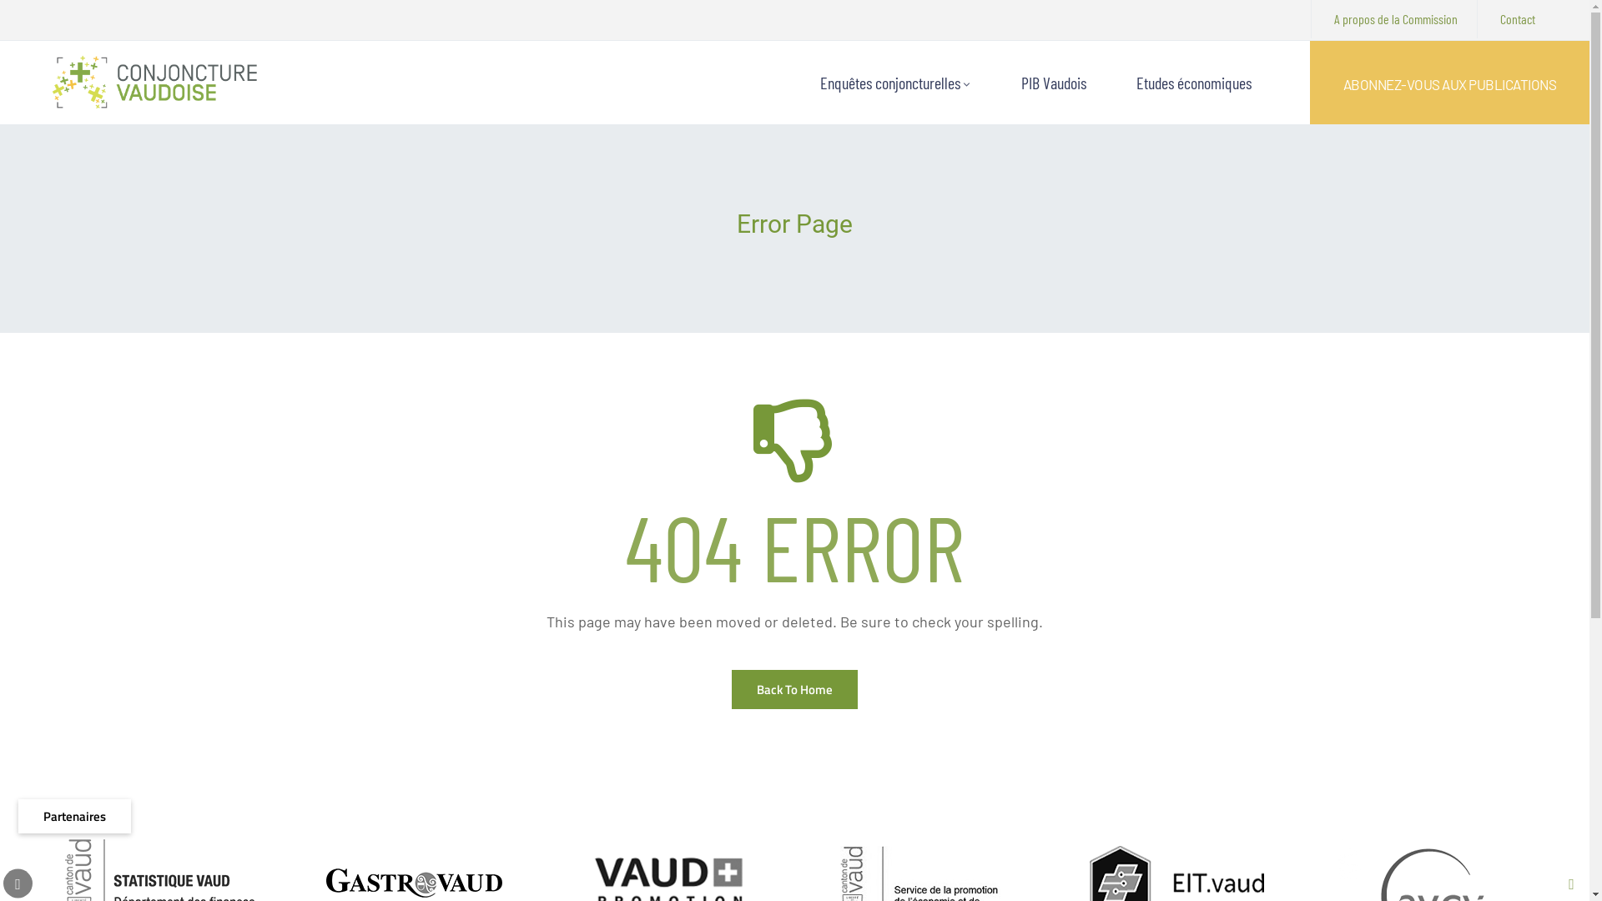 This screenshot has width=1602, height=901. Describe the element at coordinates (793, 689) in the screenshot. I see `'Back To Home'` at that location.